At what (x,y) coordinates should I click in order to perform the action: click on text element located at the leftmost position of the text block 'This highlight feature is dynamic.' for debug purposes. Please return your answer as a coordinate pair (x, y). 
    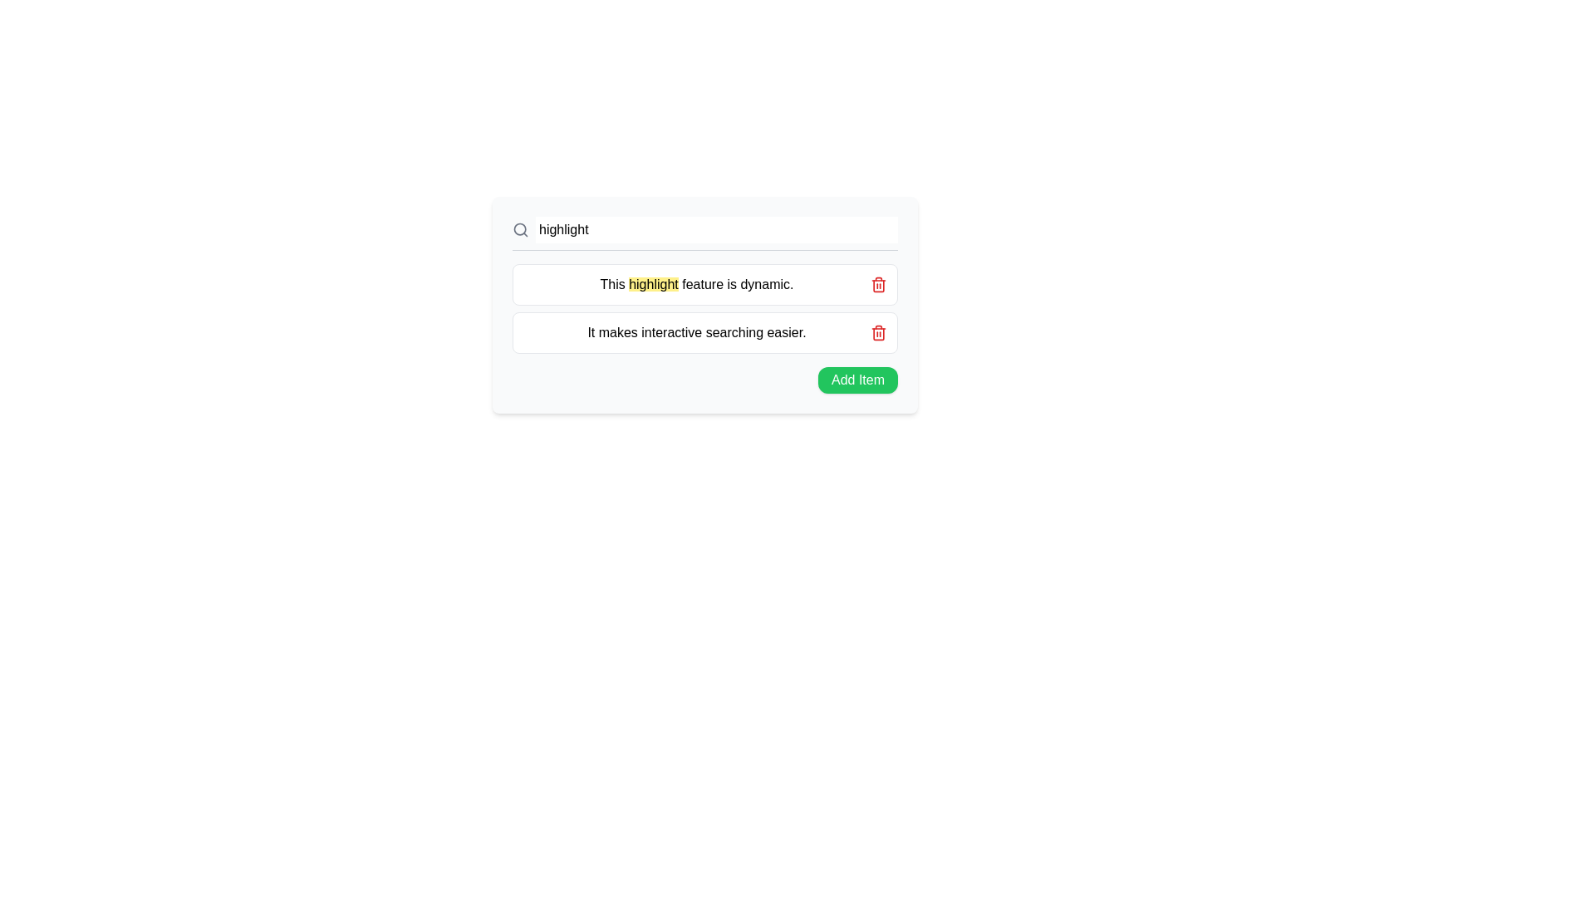
    Looking at the image, I should click on (613, 283).